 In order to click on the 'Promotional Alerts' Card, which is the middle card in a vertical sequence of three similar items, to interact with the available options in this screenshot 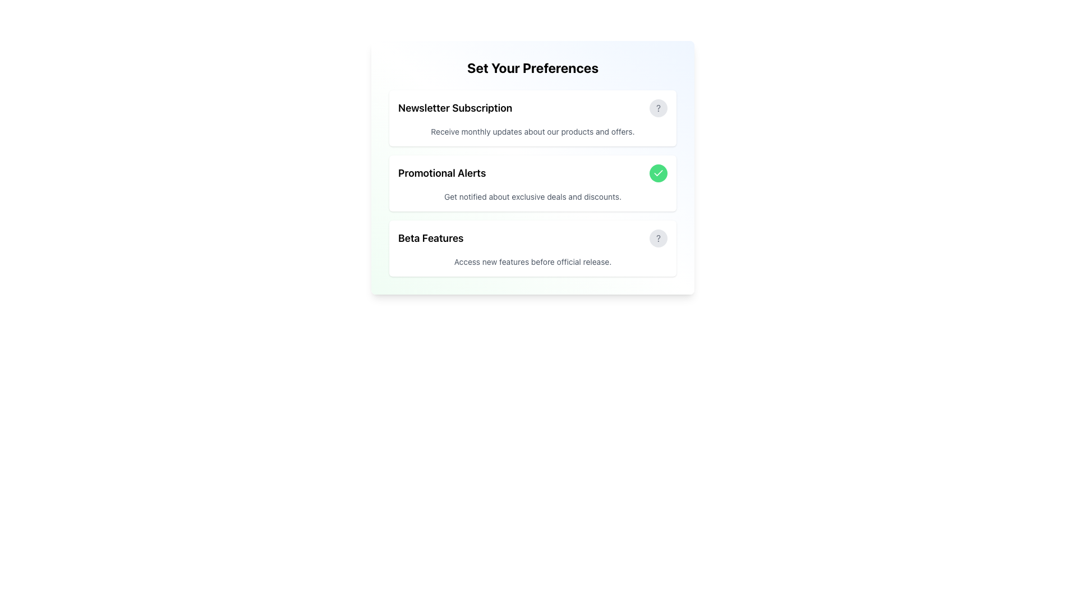, I will do `click(532, 168)`.